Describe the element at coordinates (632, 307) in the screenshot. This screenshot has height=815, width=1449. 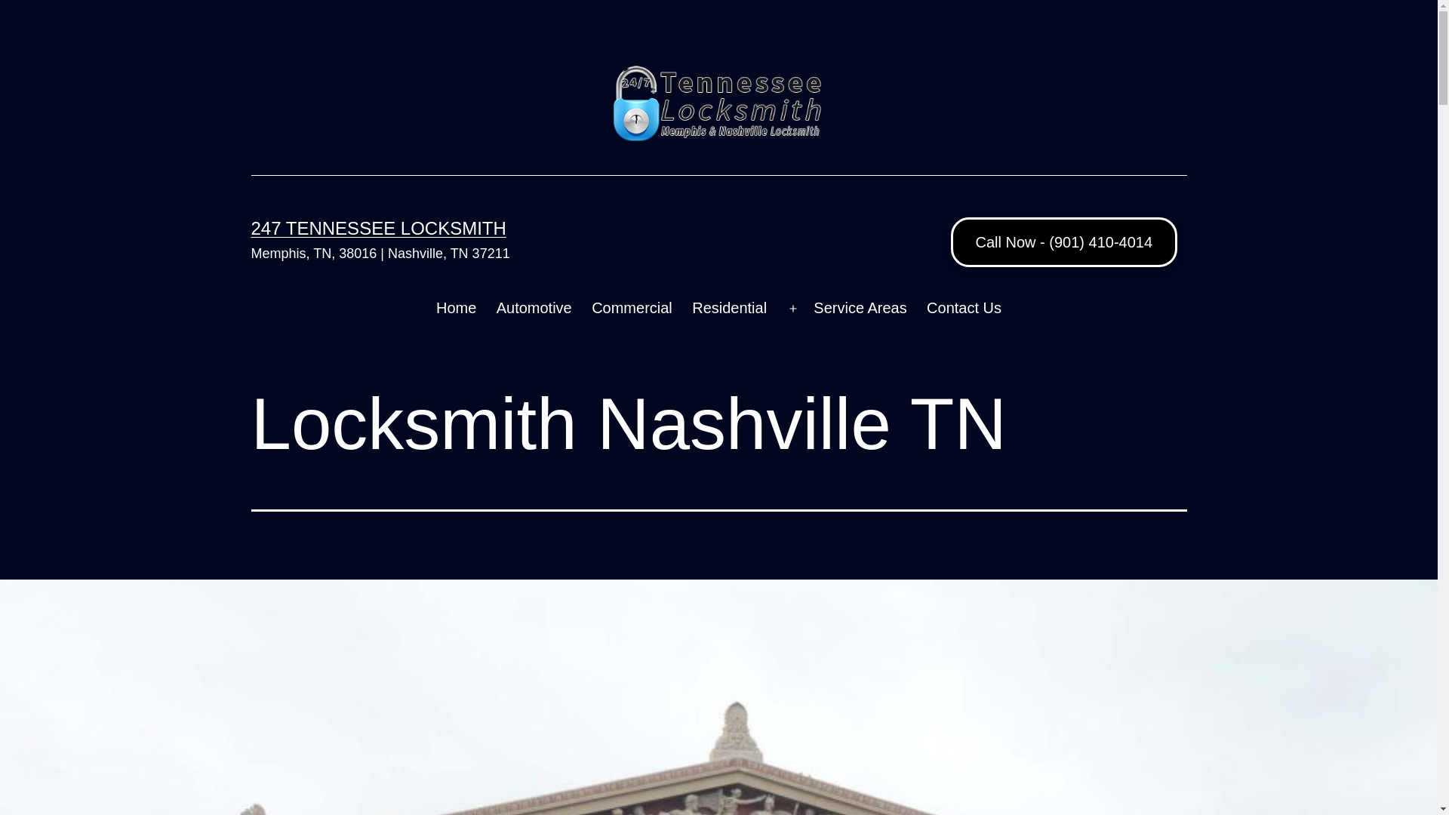
I see `'Commercial'` at that location.